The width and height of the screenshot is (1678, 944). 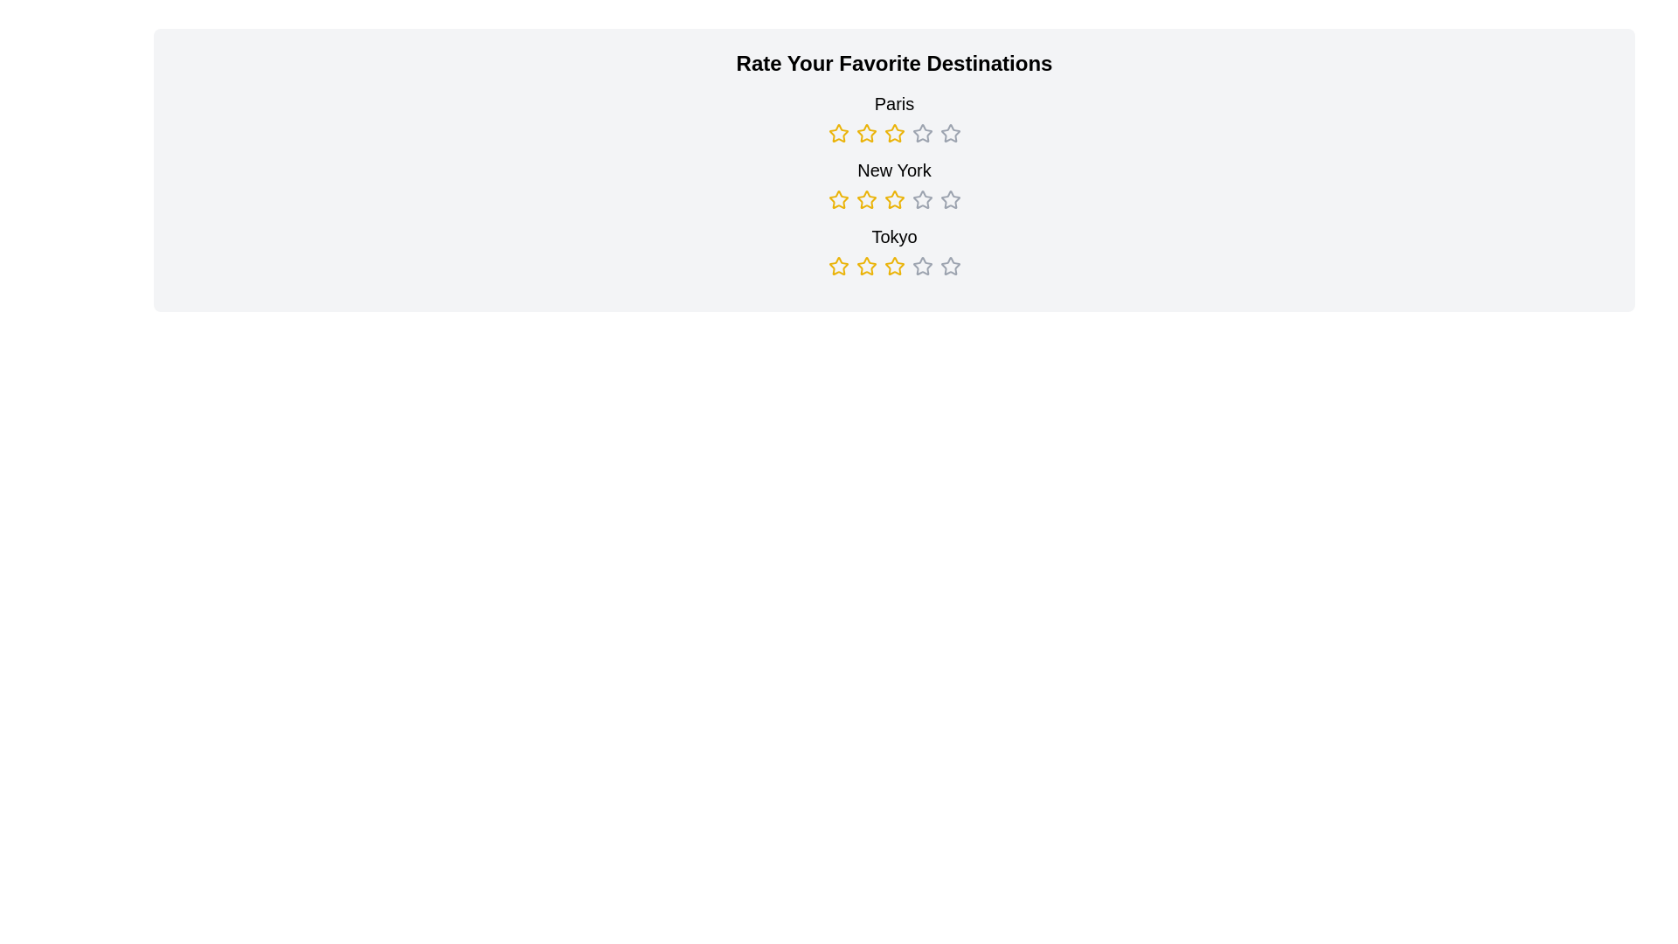 I want to click on one of the star icons in the Rating component for 'Tokyo' to update the rating, so click(x=894, y=250).